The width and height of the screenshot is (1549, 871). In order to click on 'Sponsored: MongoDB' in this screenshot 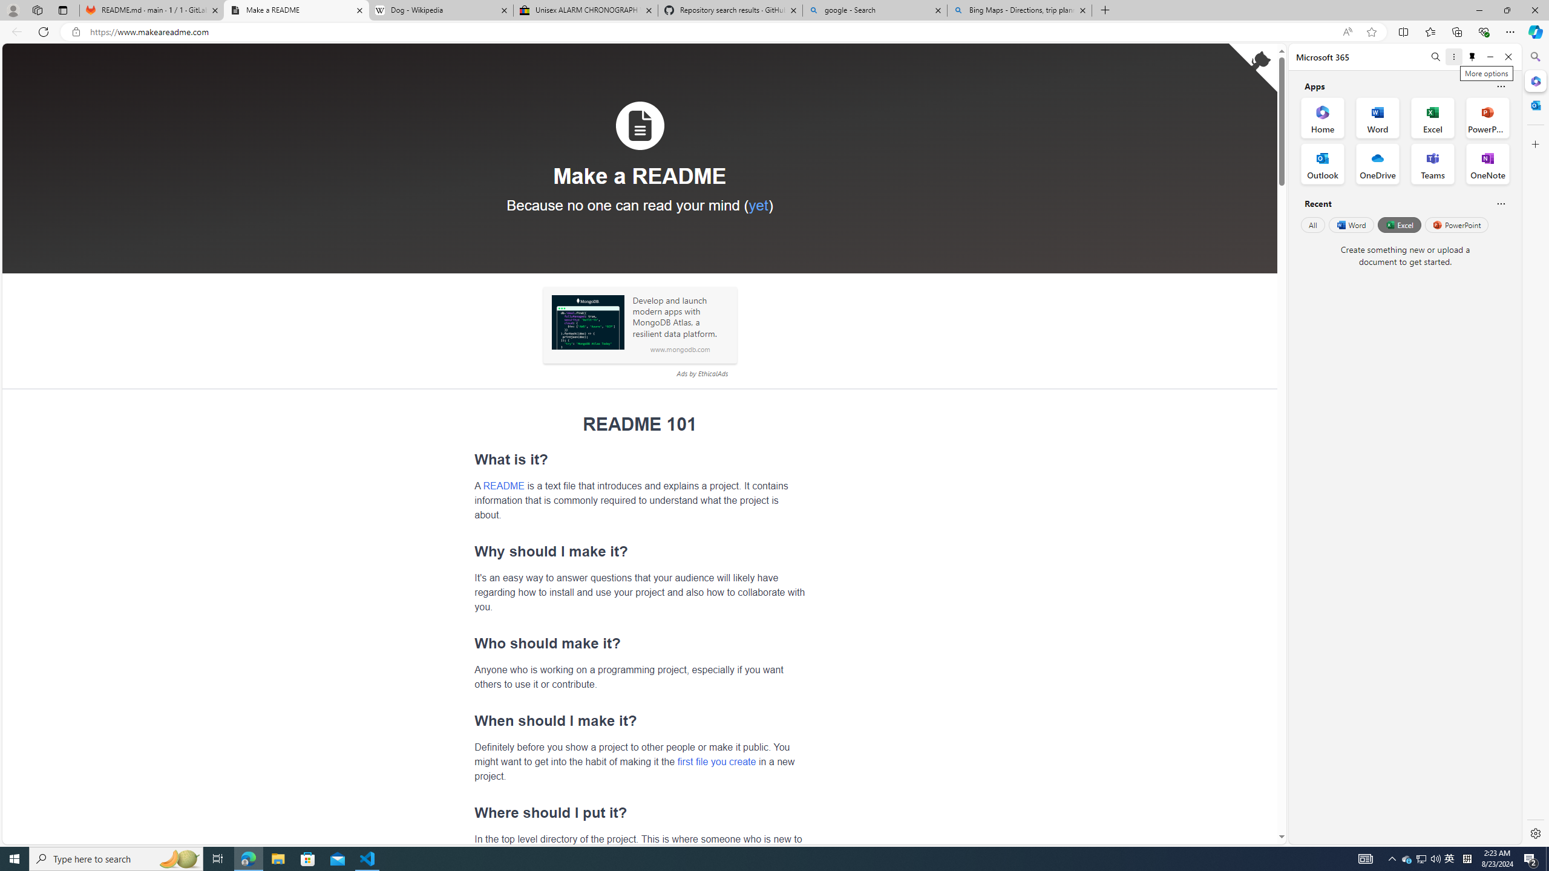, I will do `click(587, 322)`.